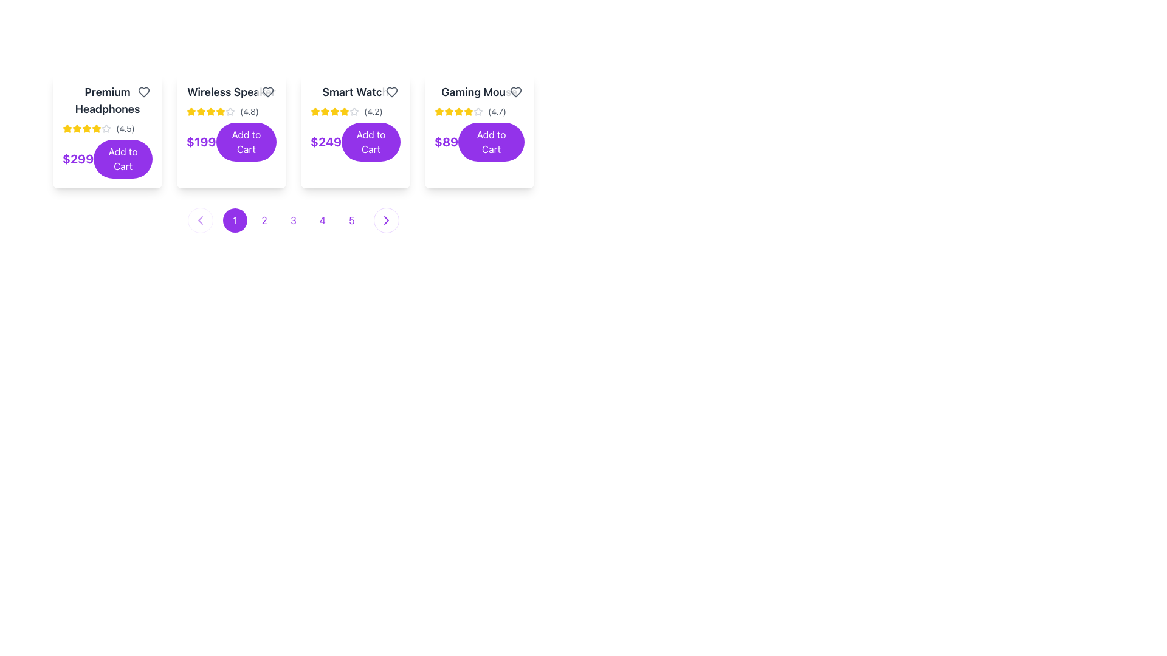 Image resolution: width=1167 pixels, height=656 pixels. Describe the element at coordinates (353, 111) in the screenshot. I see `the rating star icon for the product 'Smart Watch', which is located in the rating section of the third card among a series of five star symbols` at that location.